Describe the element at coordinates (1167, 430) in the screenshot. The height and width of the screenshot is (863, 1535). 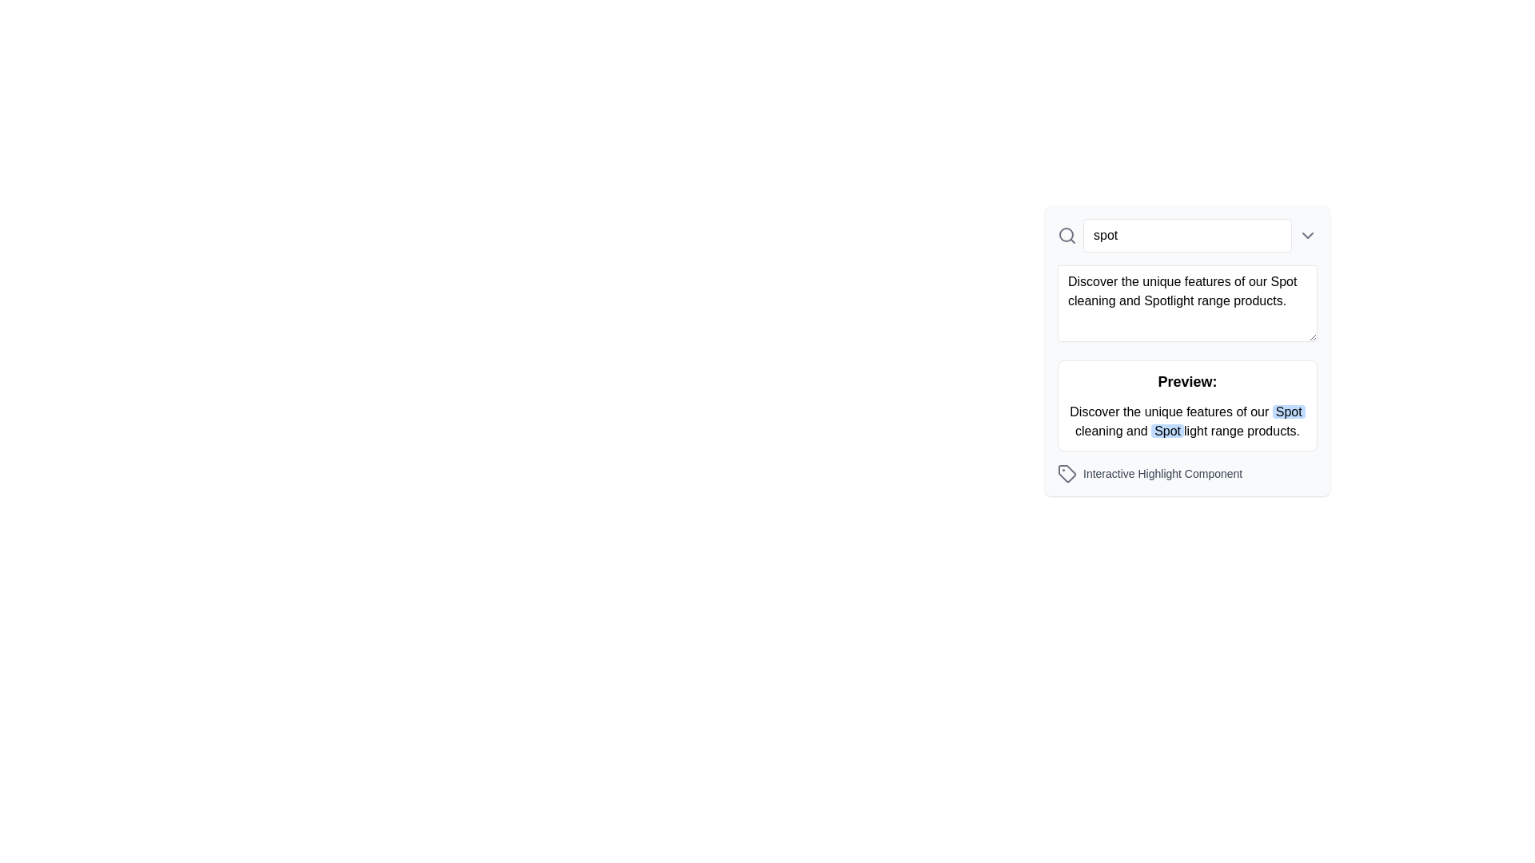
I see `the text element styled with a blue background and rounded edges, specifically the second instance of the word 'Spot' in the paragraph` at that location.